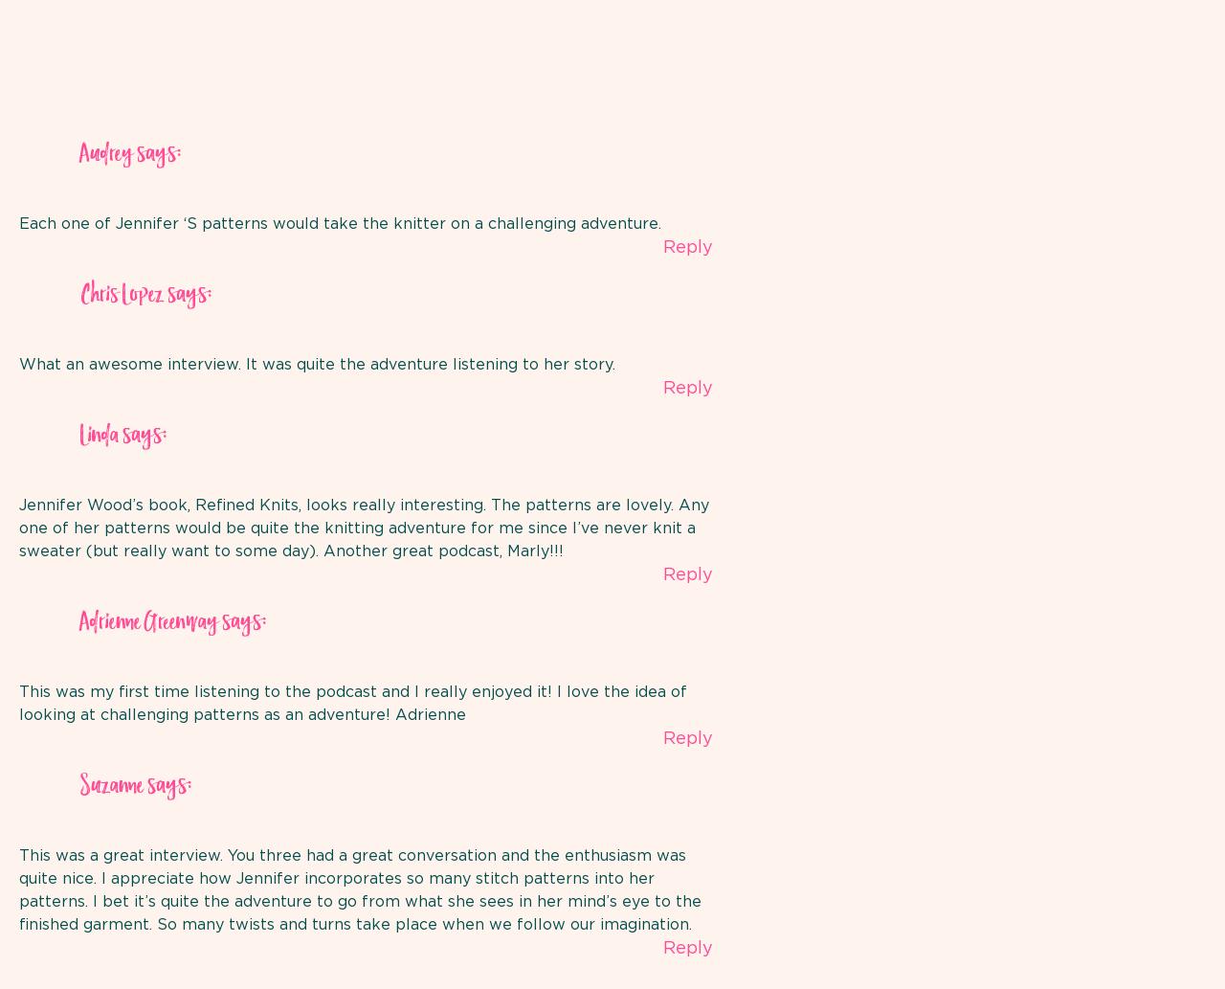  What do you see at coordinates (99, 436) in the screenshot?
I see `'Linda'` at bounding box center [99, 436].